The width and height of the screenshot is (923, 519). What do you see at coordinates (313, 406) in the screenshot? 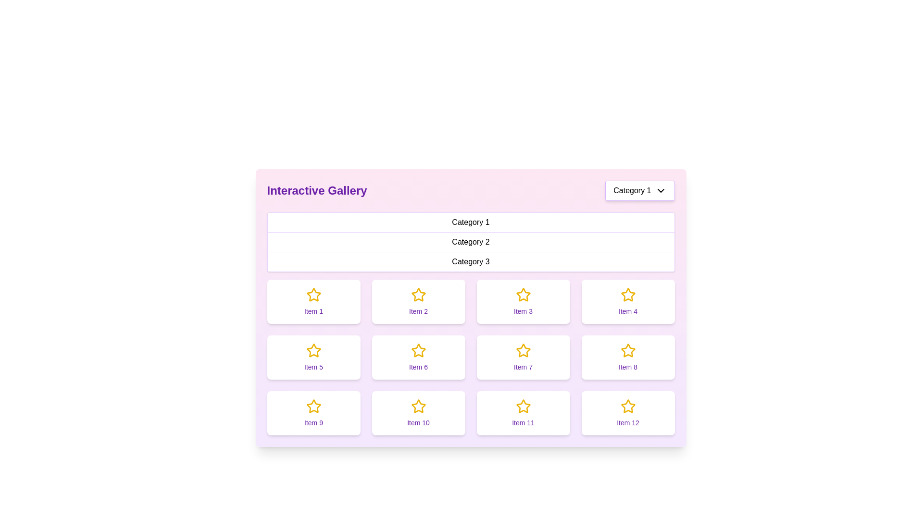
I see `the star-shaped icon with a yellow outline located in the middle of the white card labeled 'Item 9'` at bounding box center [313, 406].